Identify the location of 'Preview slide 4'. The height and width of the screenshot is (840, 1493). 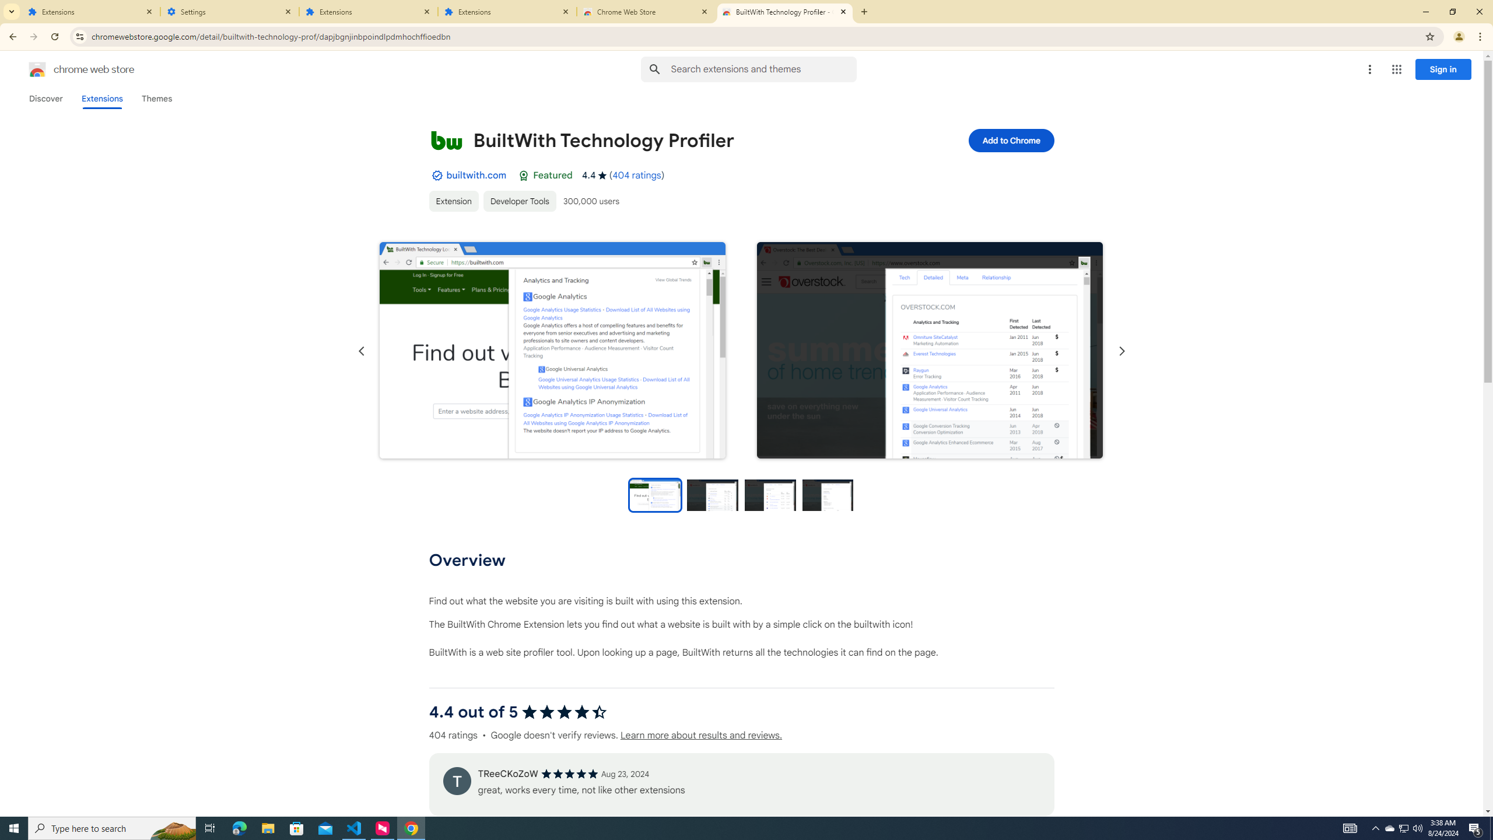
(828, 494).